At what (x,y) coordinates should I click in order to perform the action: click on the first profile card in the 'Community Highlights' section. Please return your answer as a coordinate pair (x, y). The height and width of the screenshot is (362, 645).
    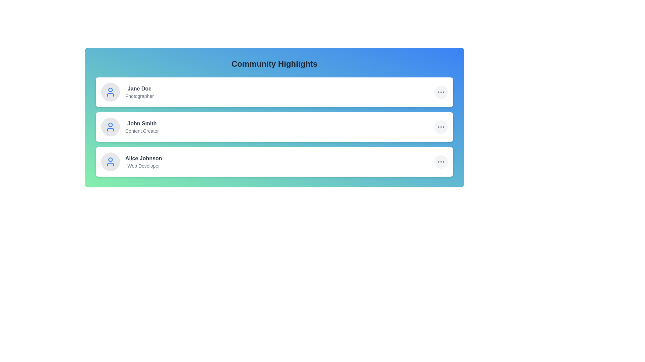
    Looking at the image, I should click on (127, 92).